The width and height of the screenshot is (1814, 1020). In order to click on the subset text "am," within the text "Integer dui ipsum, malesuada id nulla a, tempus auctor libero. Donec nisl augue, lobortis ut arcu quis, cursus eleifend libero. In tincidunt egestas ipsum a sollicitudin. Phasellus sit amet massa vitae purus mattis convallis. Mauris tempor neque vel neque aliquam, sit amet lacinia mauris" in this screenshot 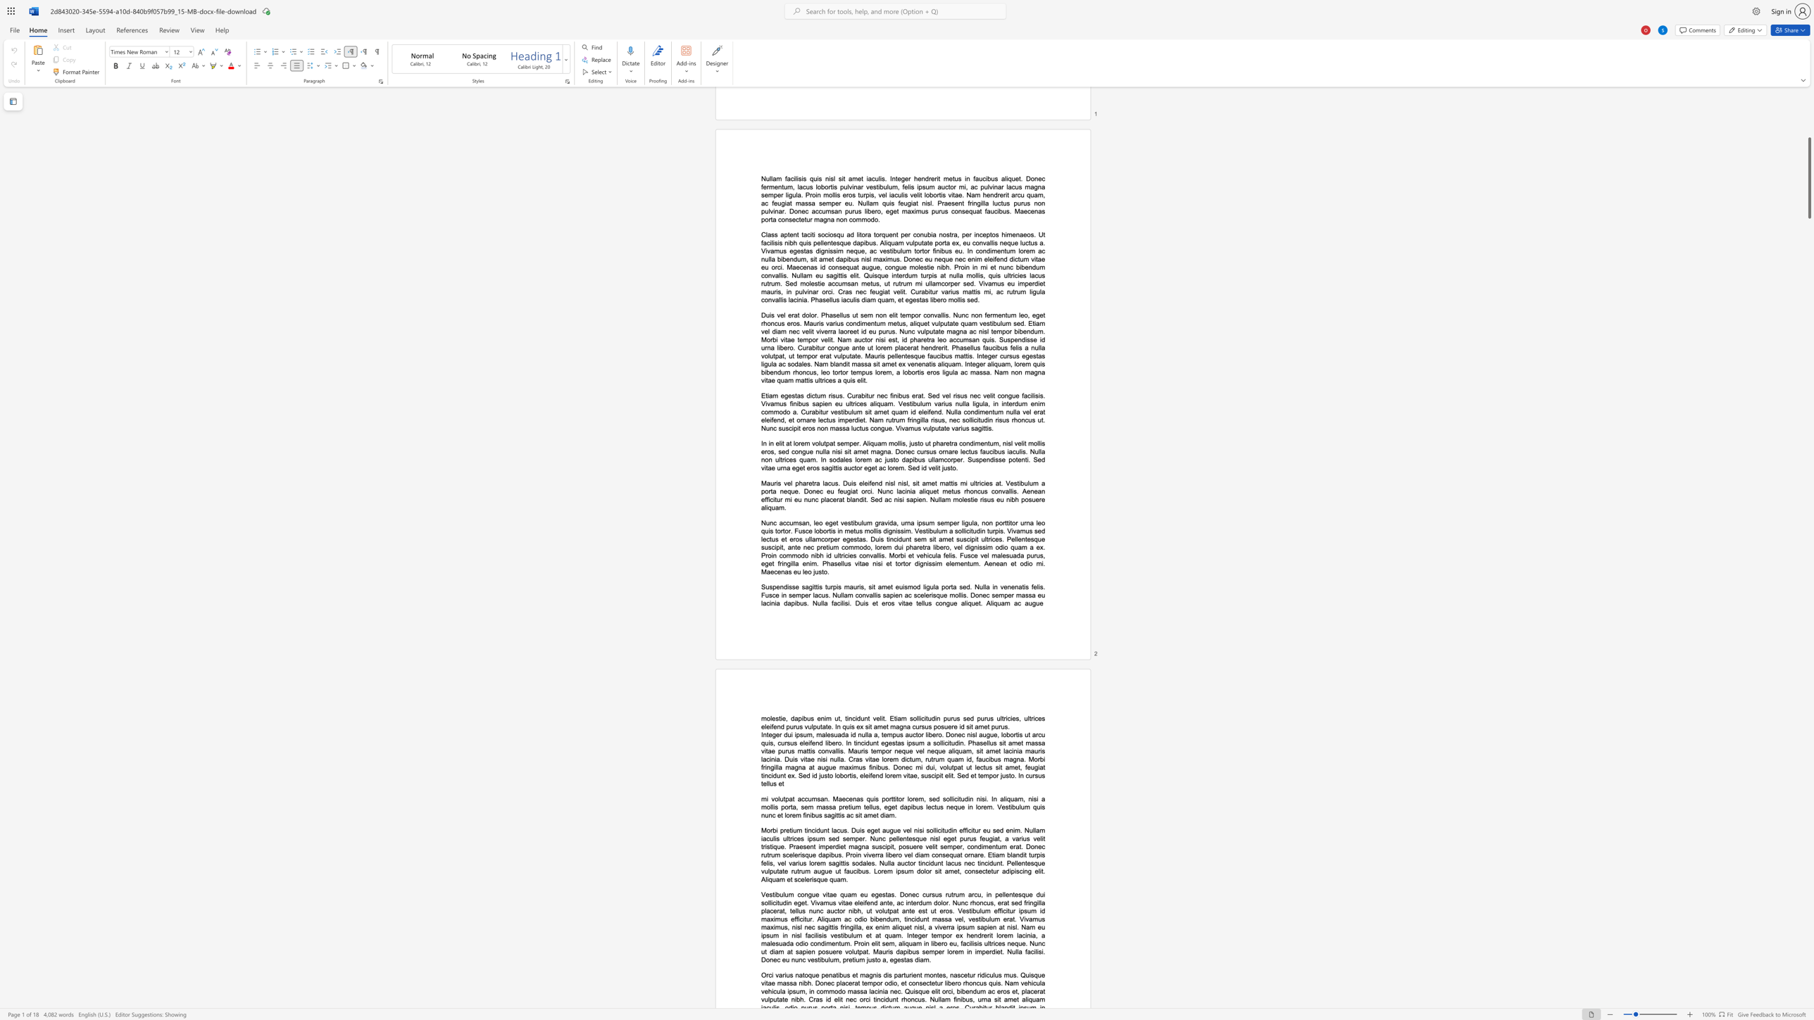, I will do `click(961, 751)`.